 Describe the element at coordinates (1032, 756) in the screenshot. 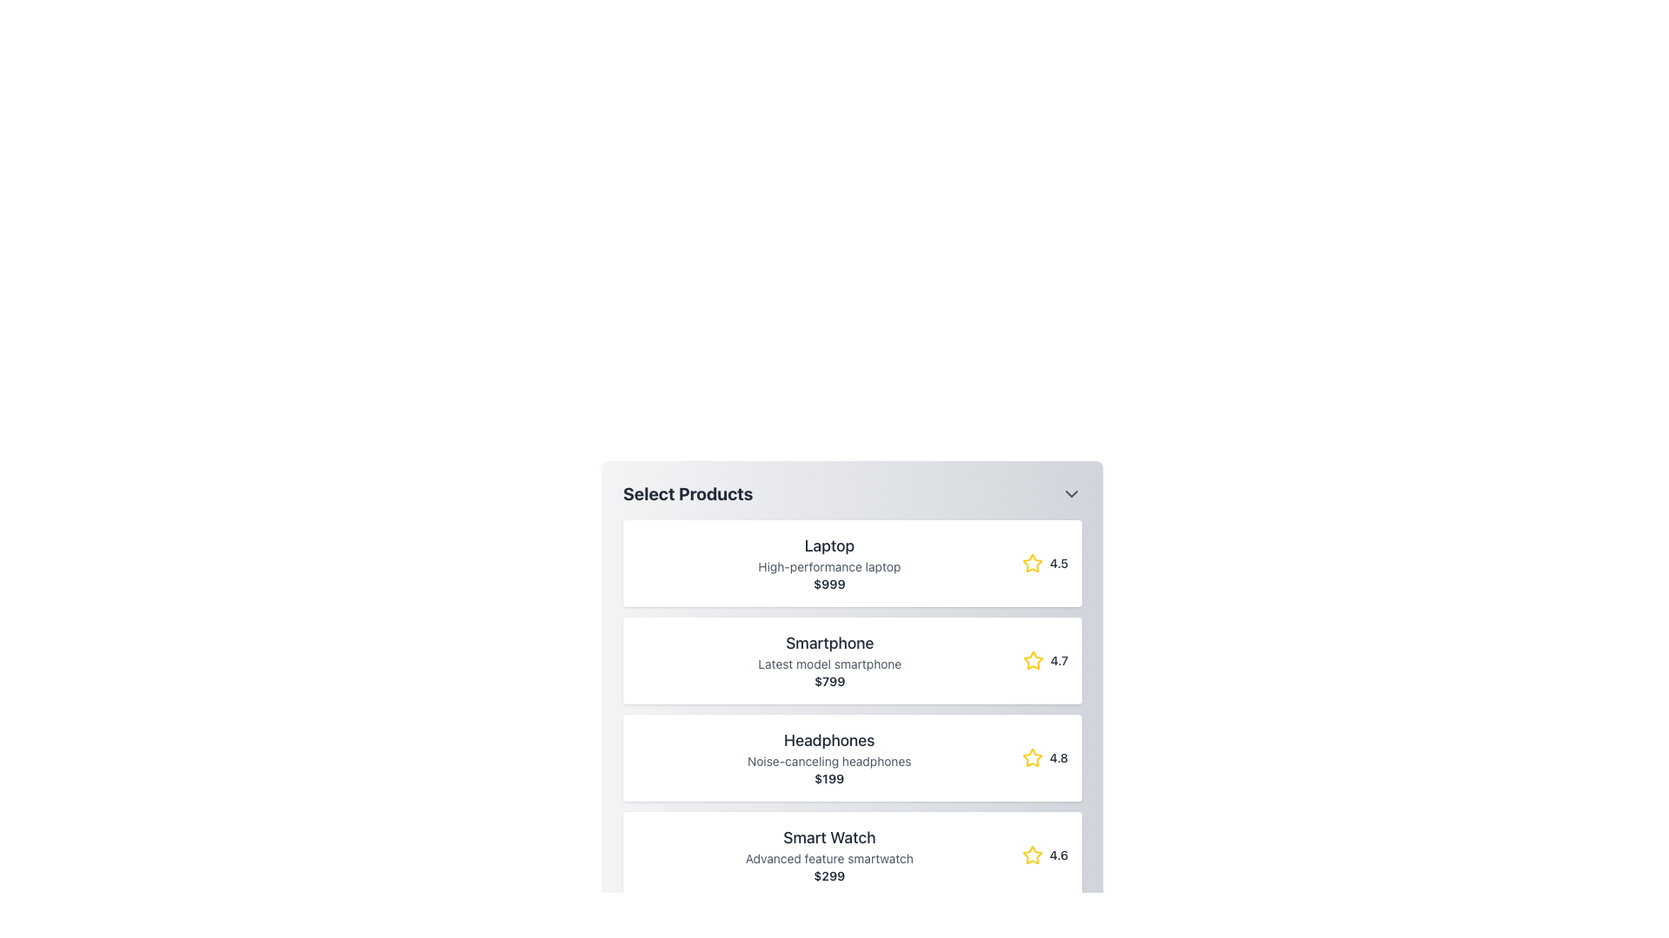

I see `design of the yellow star-shaped icon with a transparent center, located to the left of the numeric rating '4.8' in the 'Headphones' section` at that location.